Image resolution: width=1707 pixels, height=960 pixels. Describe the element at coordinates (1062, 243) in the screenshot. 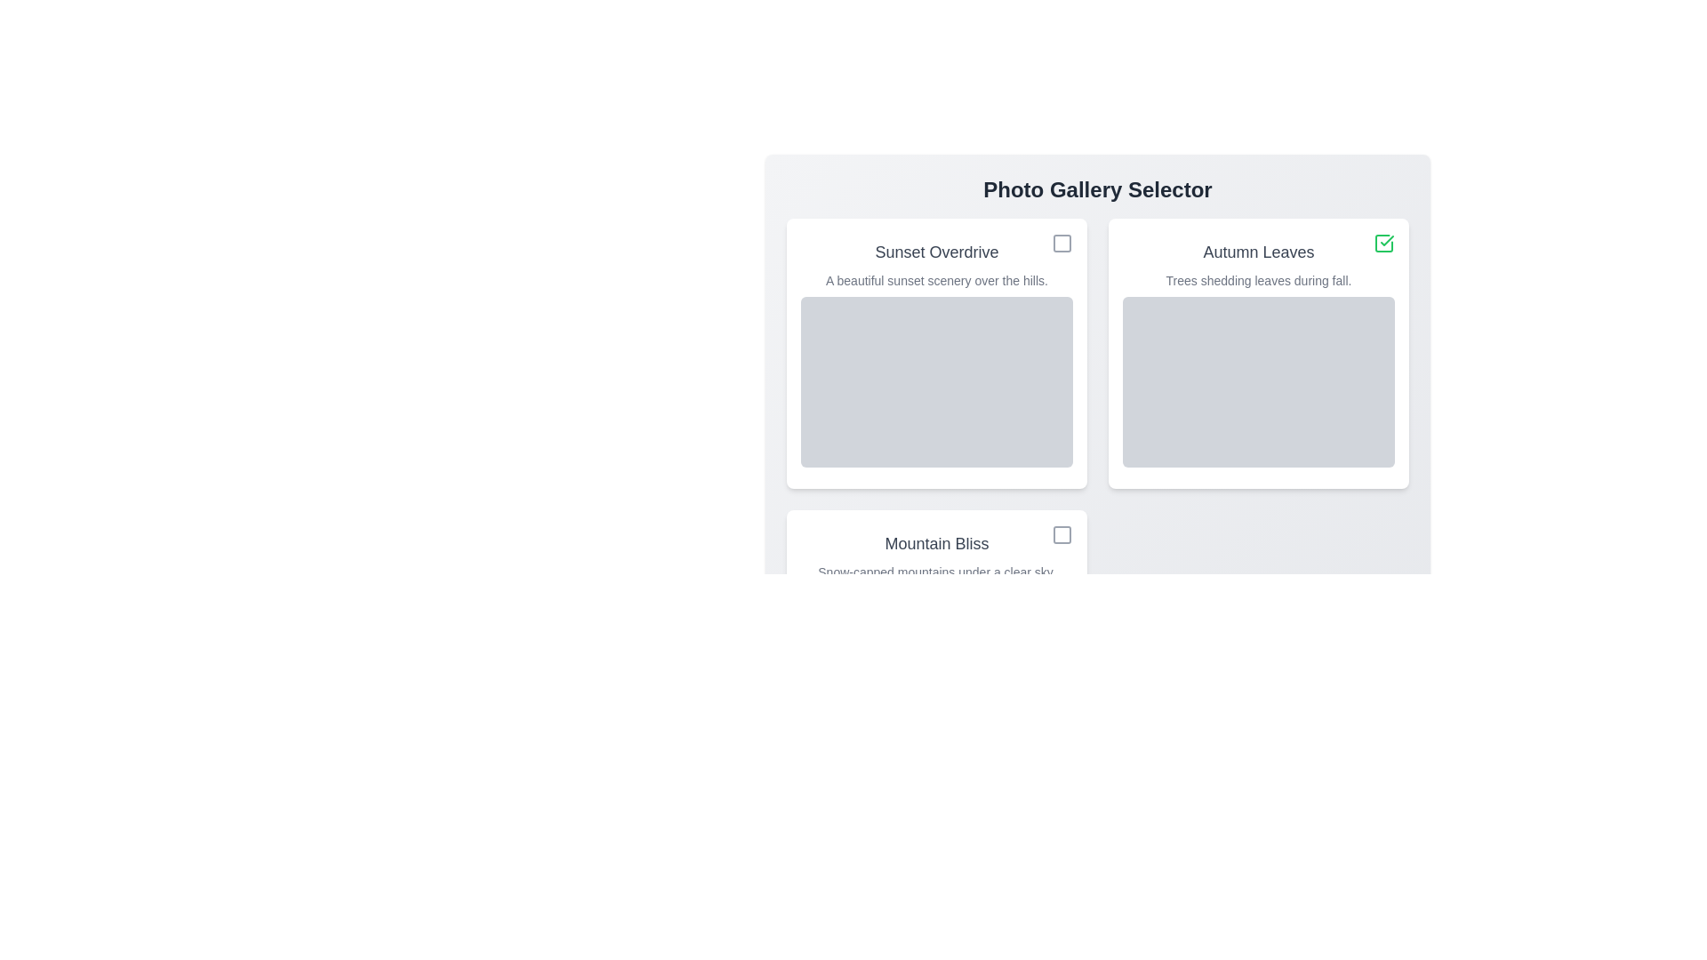

I see `the gallery item Sunset Overdrive by clicking its checkbox` at that location.